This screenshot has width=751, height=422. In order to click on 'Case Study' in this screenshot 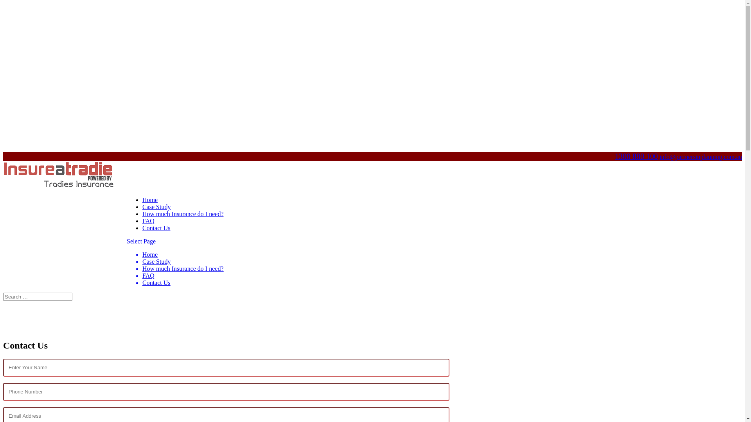, I will do `click(156, 261)`.